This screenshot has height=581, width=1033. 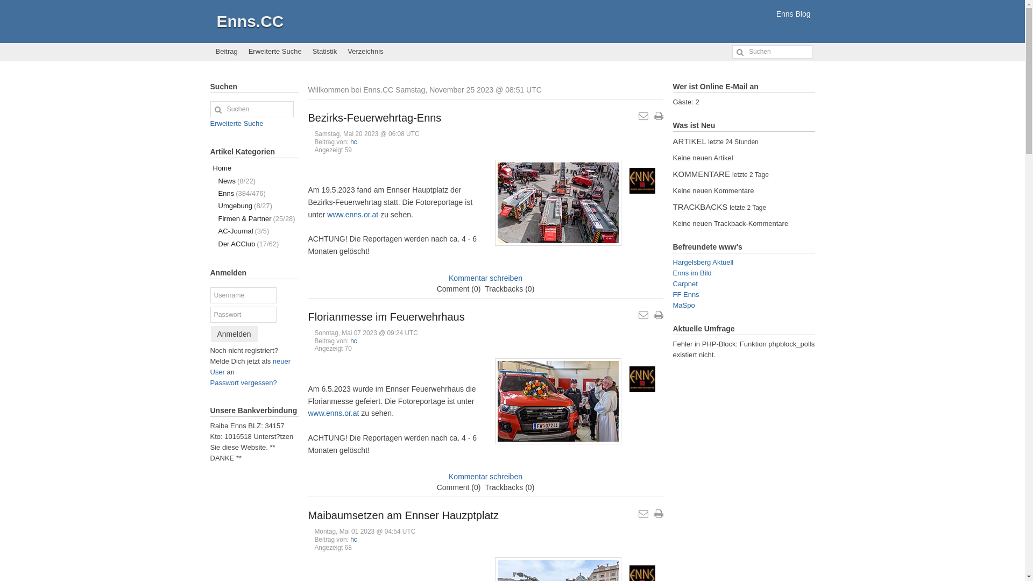 What do you see at coordinates (671, 272) in the screenshot?
I see `'Enns im Bild'` at bounding box center [671, 272].